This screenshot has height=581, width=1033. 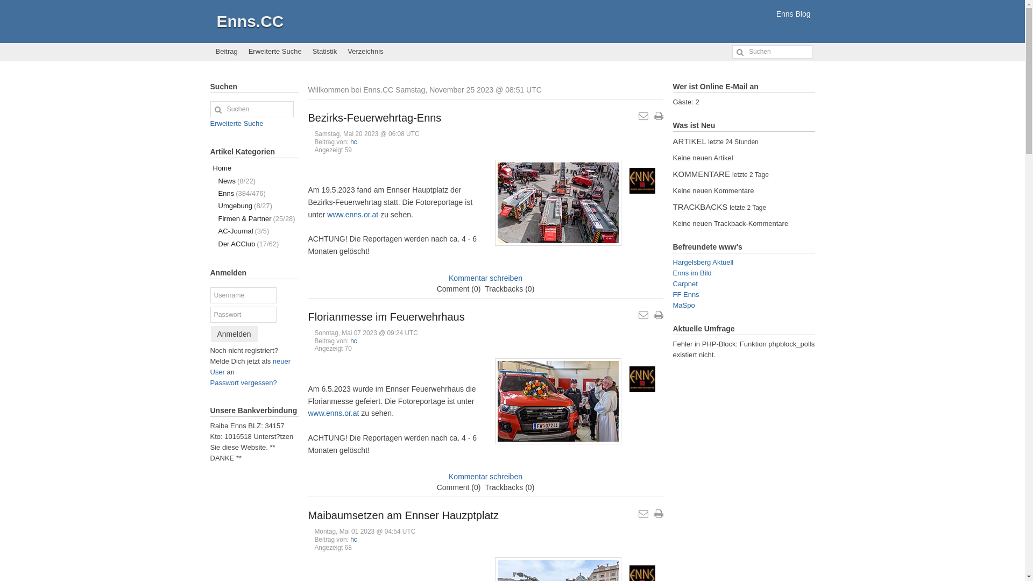 What do you see at coordinates (671, 272) in the screenshot?
I see `'Enns im Bild'` at bounding box center [671, 272].